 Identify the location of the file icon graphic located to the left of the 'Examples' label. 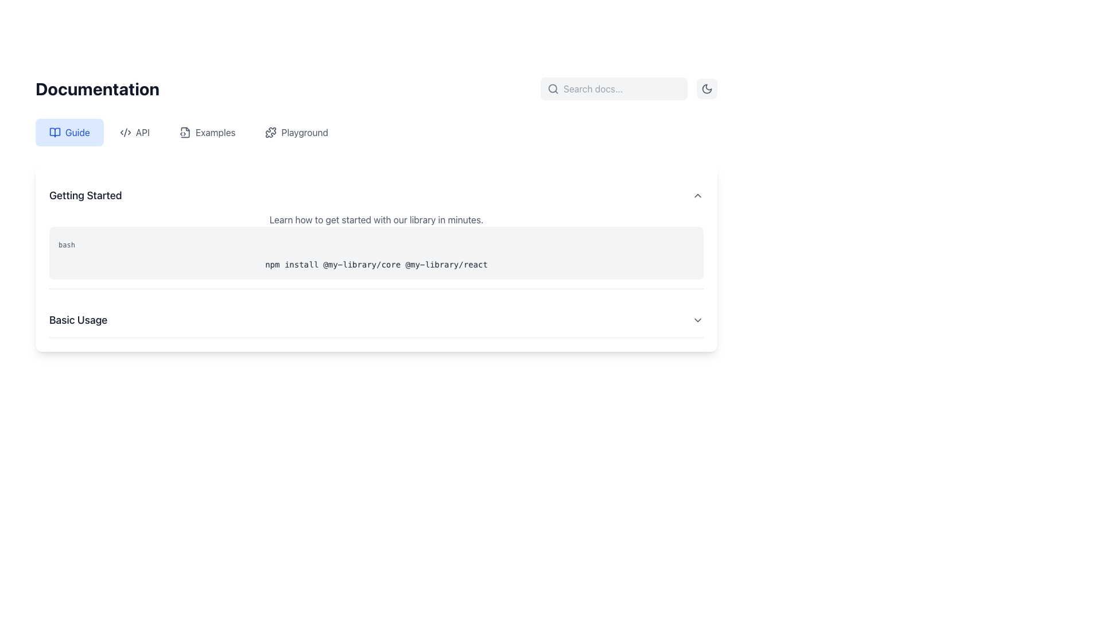
(185, 132).